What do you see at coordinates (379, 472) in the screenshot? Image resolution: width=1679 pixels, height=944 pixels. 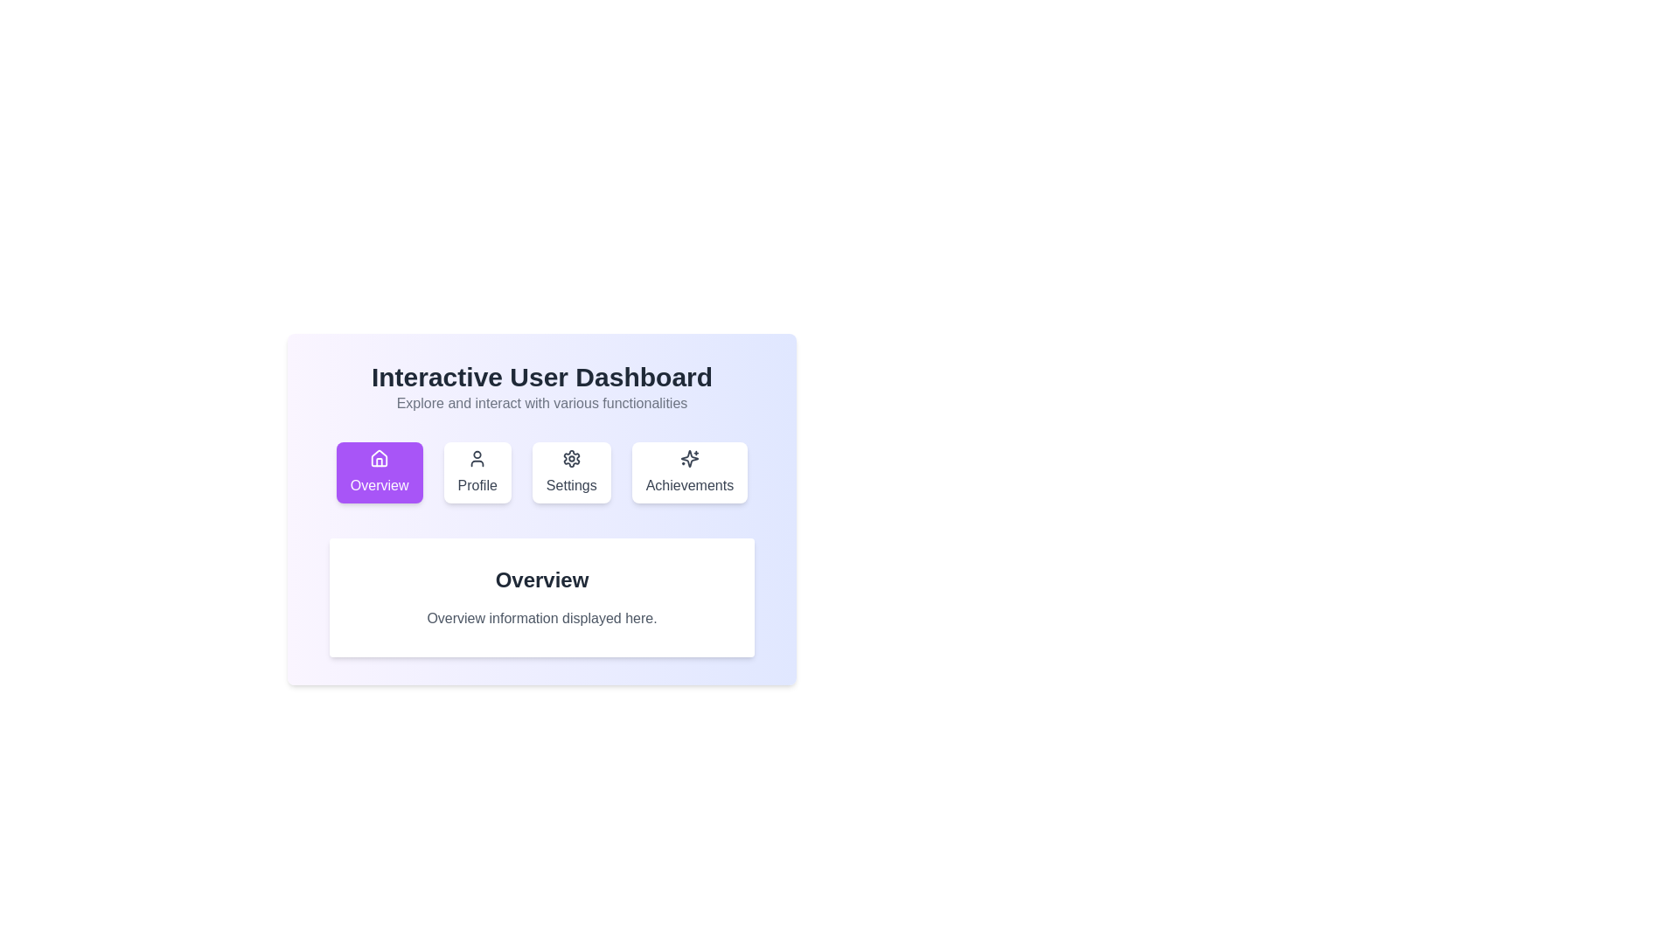 I see `the 'Overview' button with a purple background and white text for accessibility support` at bounding box center [379, 472].